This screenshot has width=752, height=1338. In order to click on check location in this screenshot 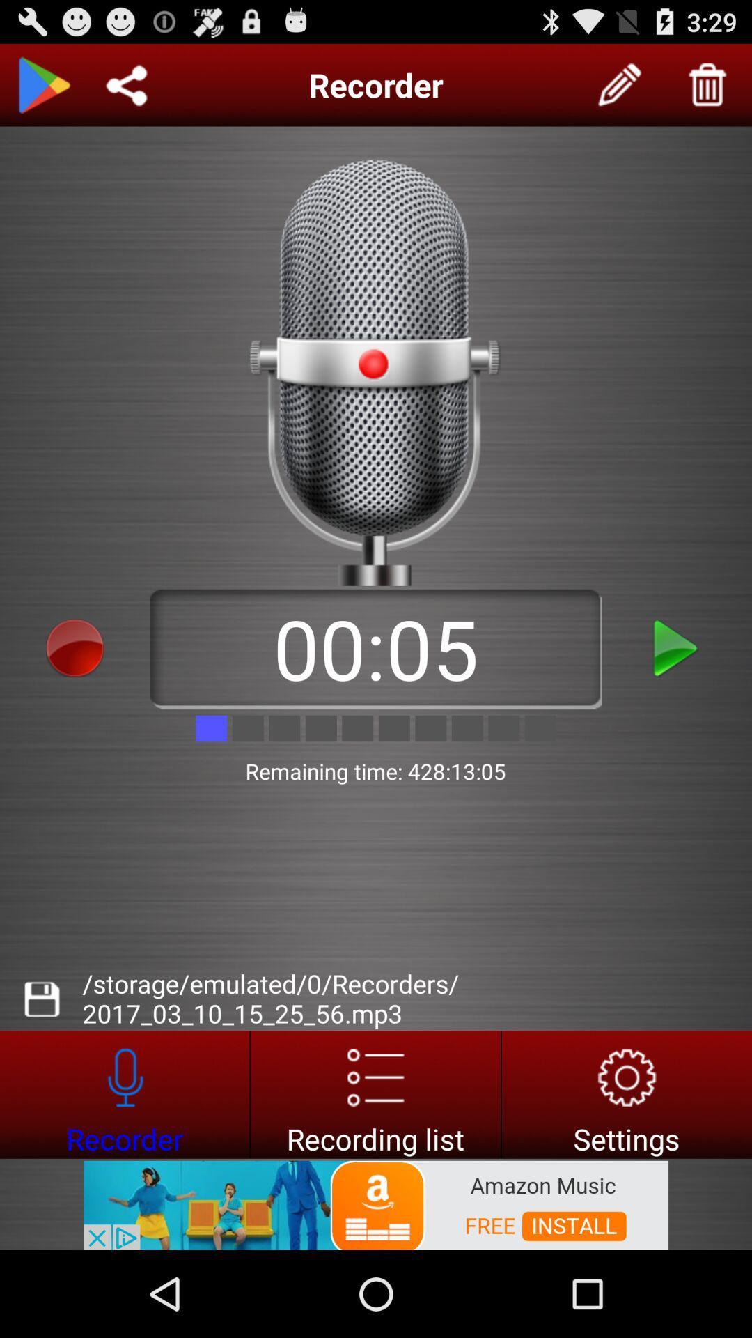, I will do `click(126, 84)`.